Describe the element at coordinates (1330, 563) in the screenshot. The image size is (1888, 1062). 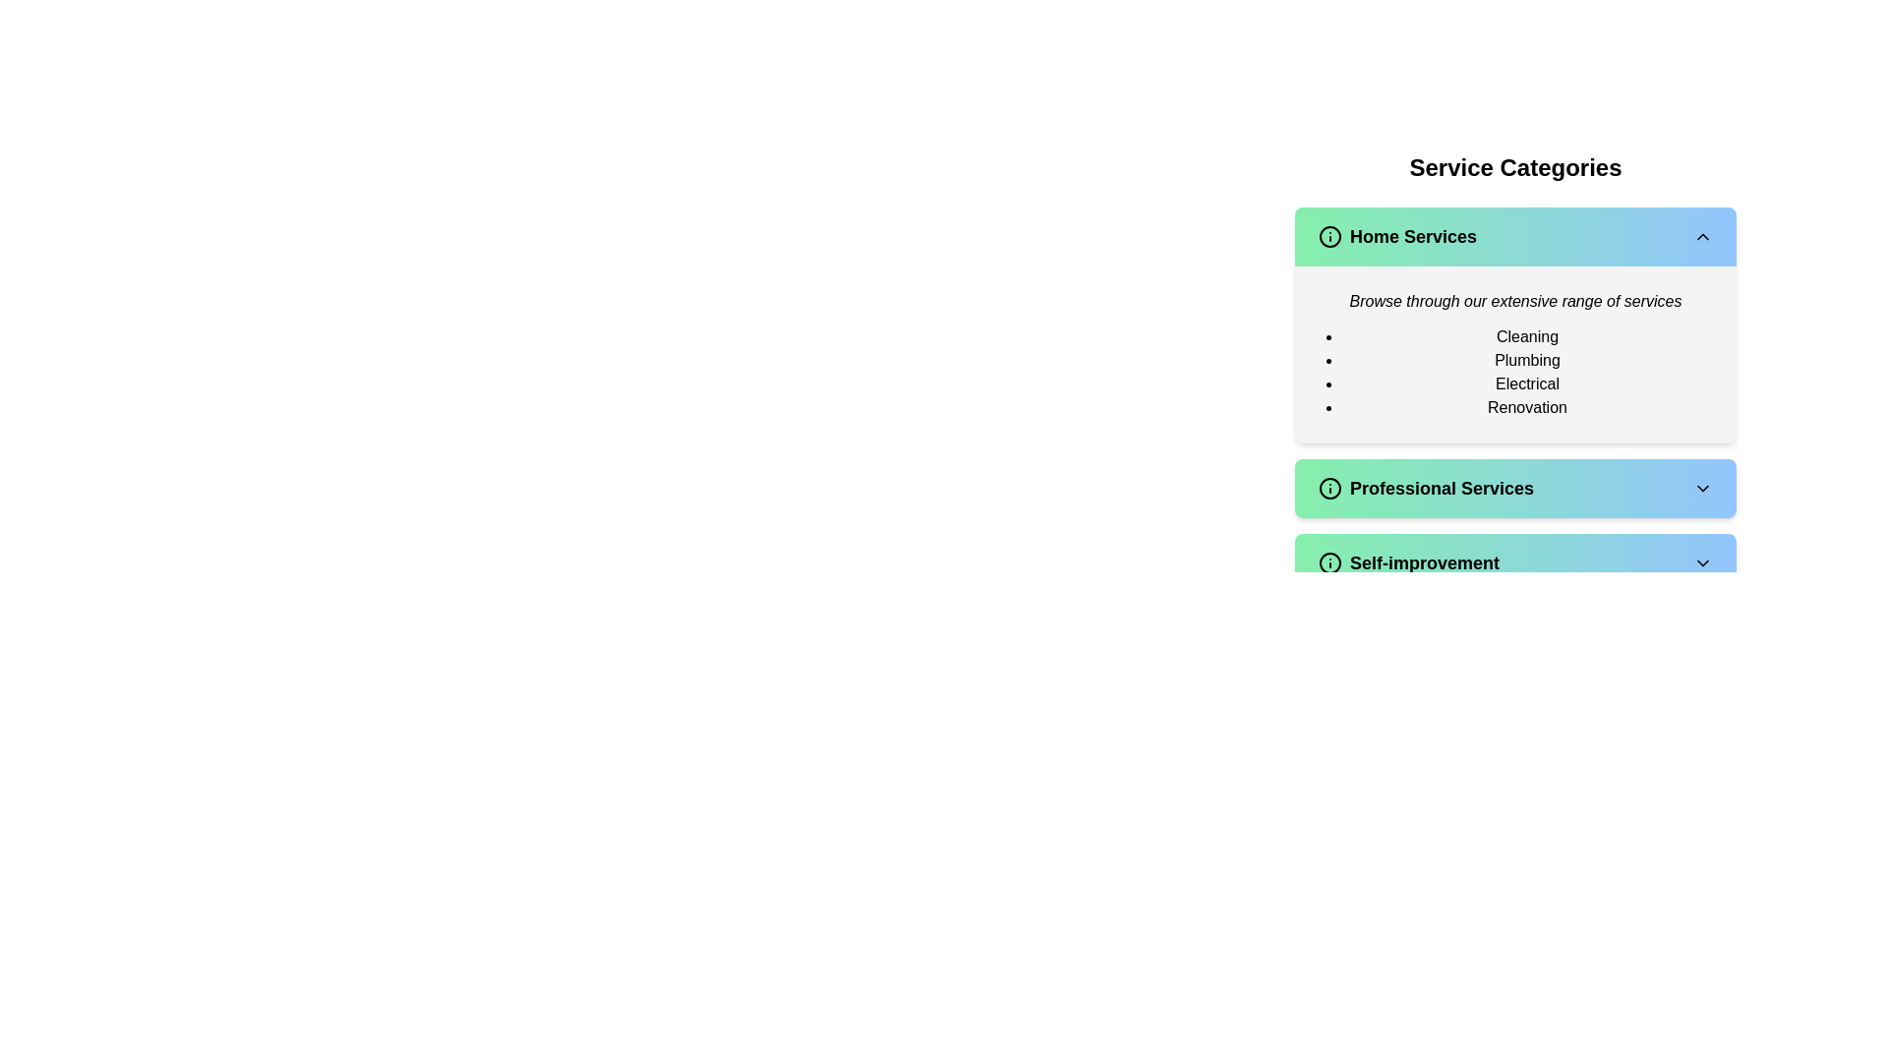
I see `the circular icon representing 'Self-improvement Services' in the leftmost position of the service categories list` at that location.